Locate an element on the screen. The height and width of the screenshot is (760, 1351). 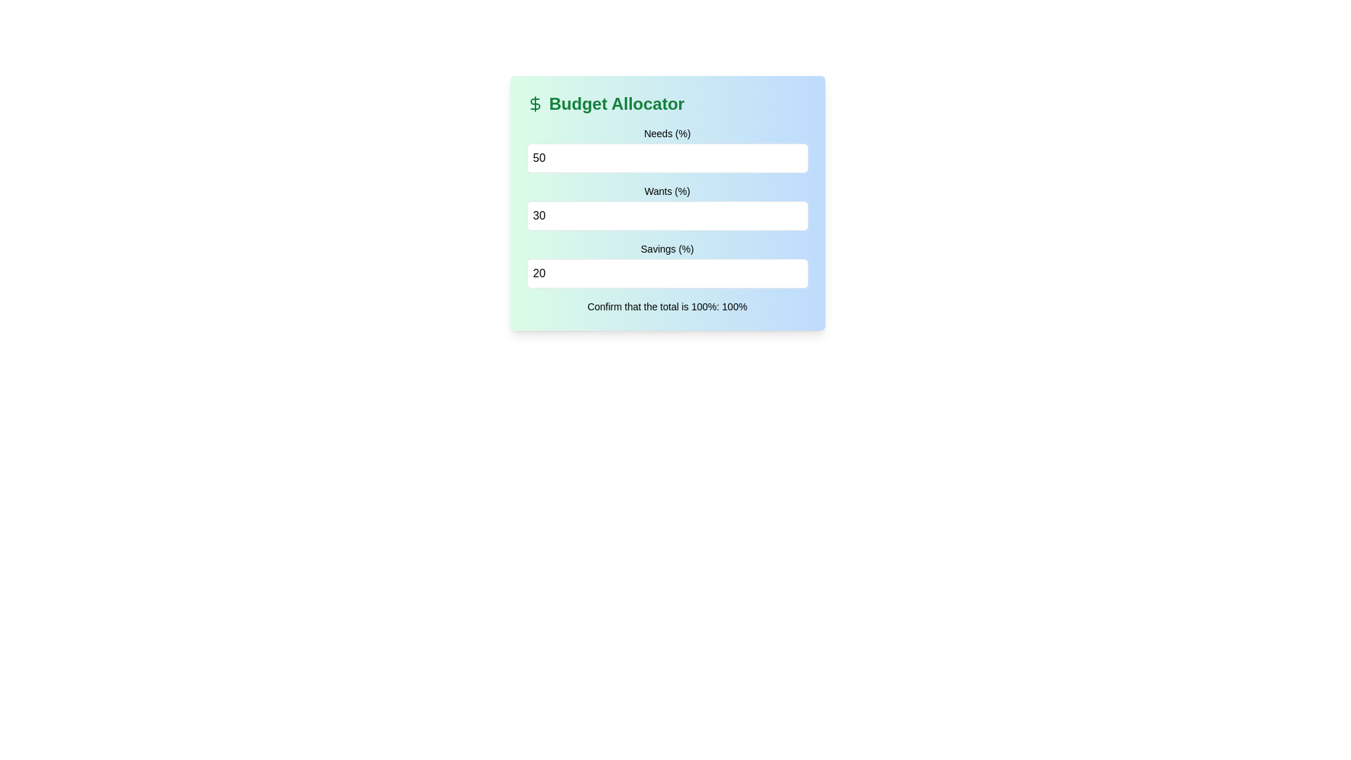
the Numeric Input Field for 'Wants (%)' is located at coordinates (666, 207).